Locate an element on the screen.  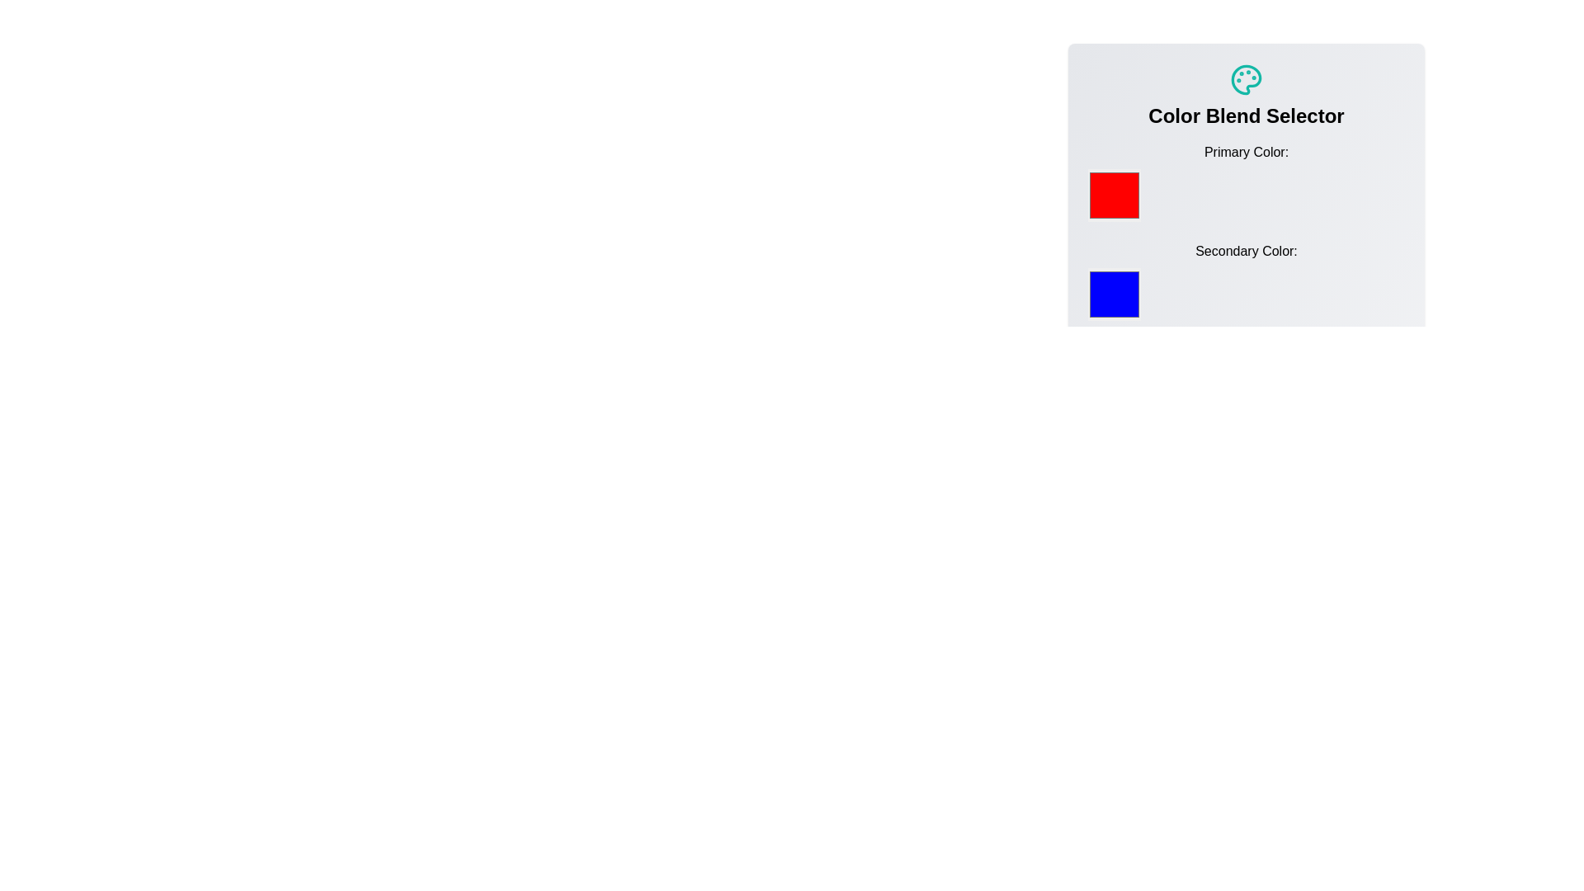
the Color input field that serves as a color selector or indicator for the primary color in a color blending application, located under the 'Primary Color:' label in the top-right area of the interface is located at coordinates (1114, 194).